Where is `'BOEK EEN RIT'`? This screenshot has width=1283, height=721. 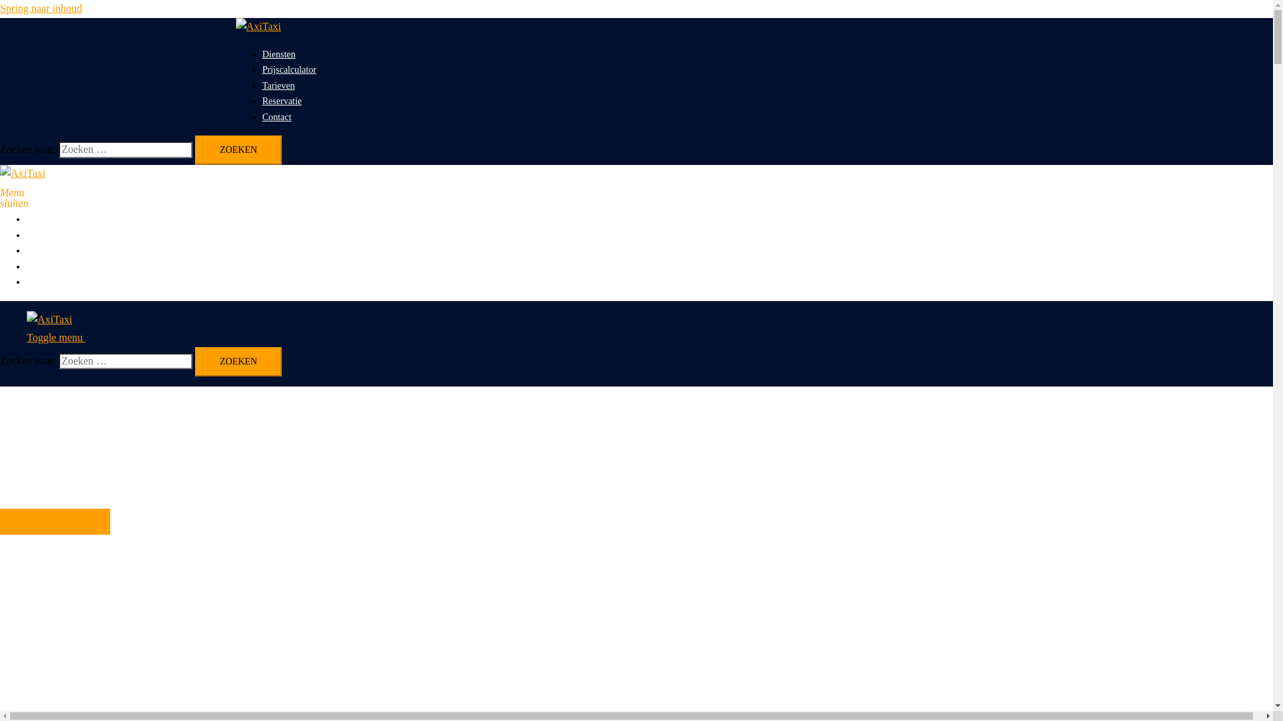 'BOEK EEN RIT' is located at coordinates (54, 521).